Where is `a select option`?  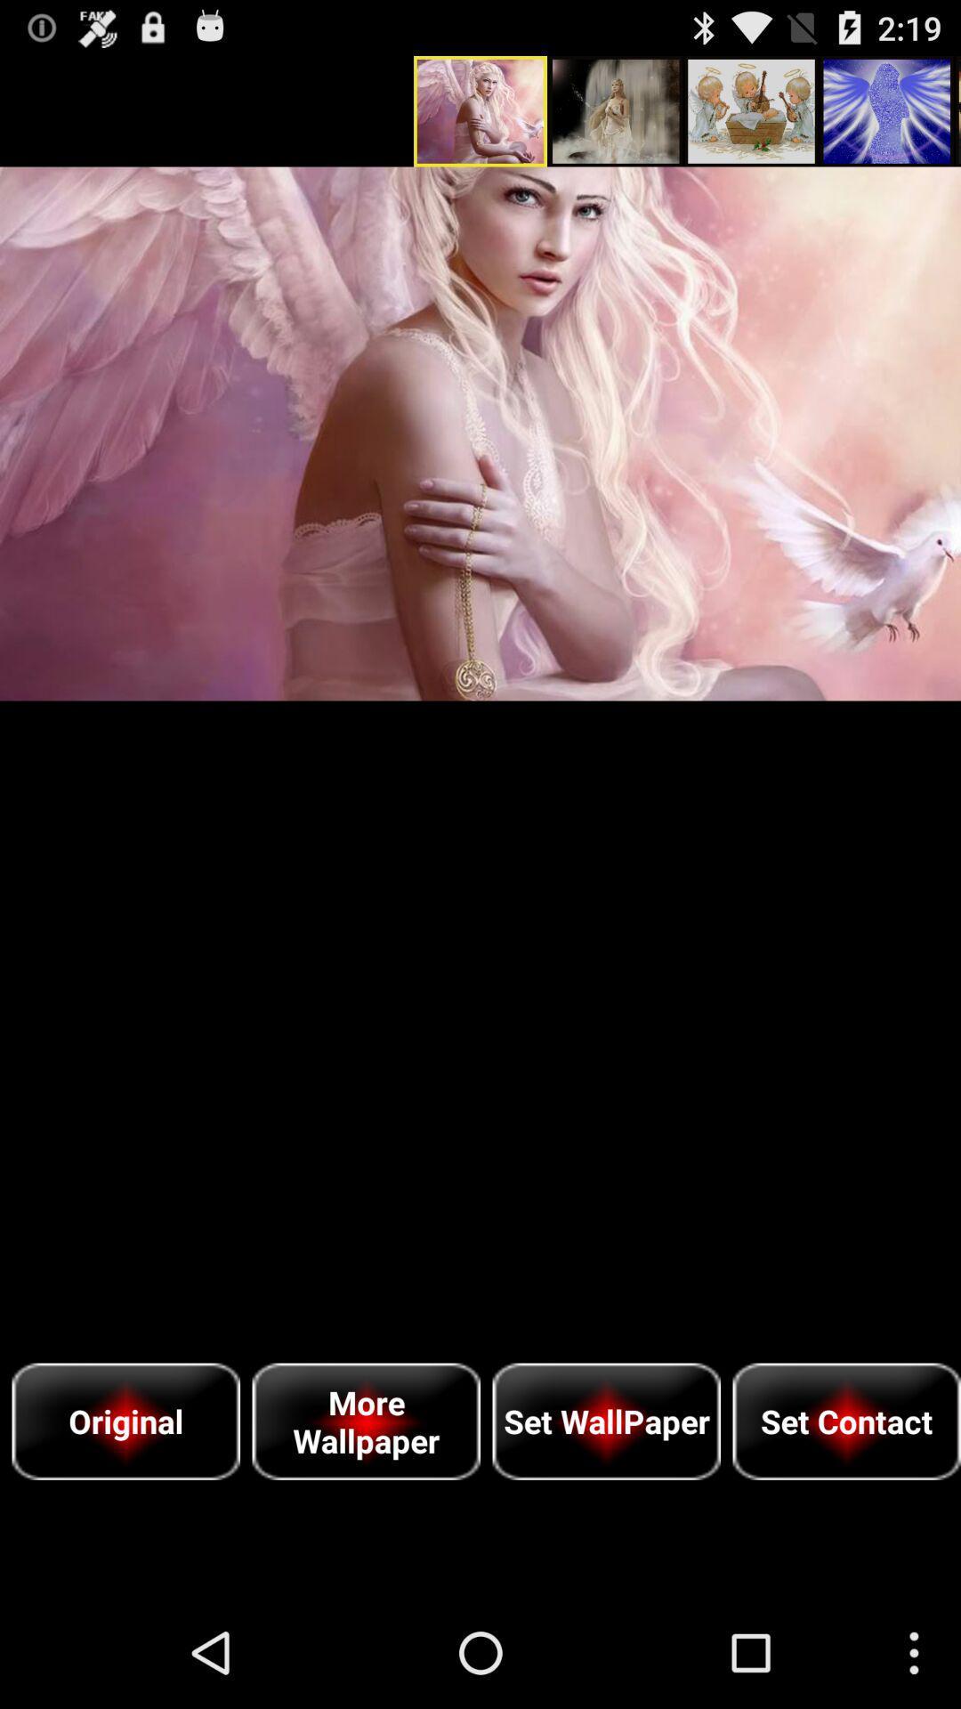 a select option is located at coordinates (480, 433).